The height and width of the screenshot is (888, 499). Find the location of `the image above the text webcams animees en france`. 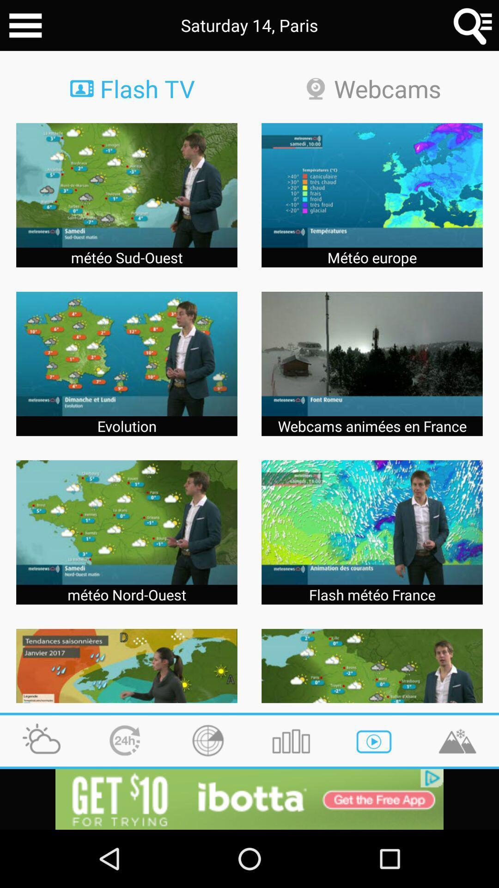

the image above the text webcams animees en france is located at coordinates (371, 353).